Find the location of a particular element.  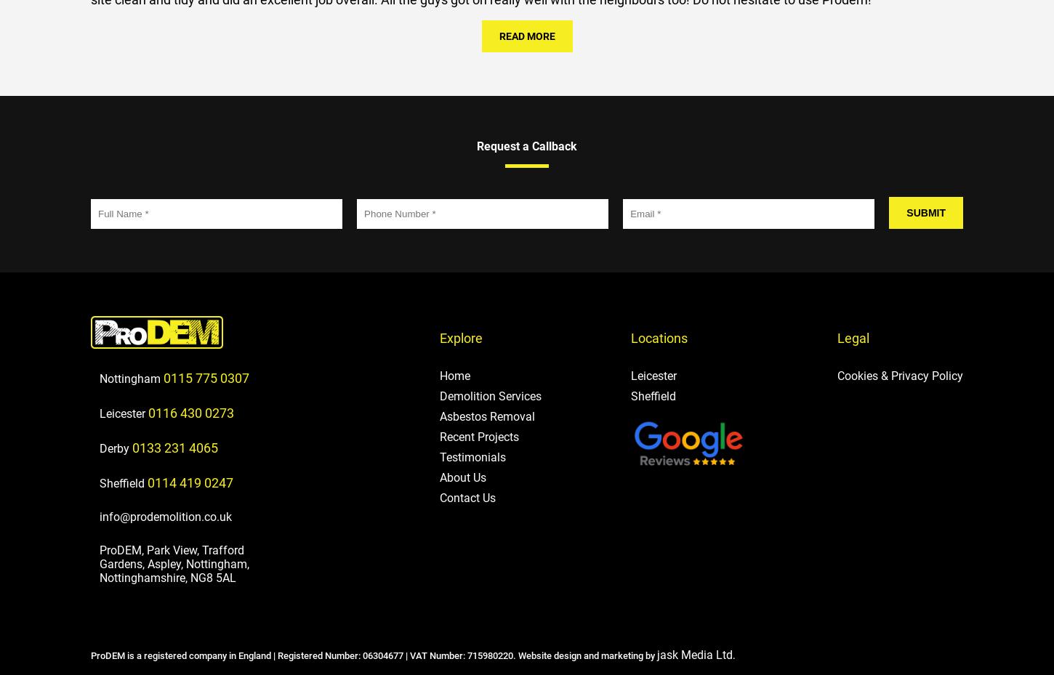

'Submit' is located at coordinates (925, 211).